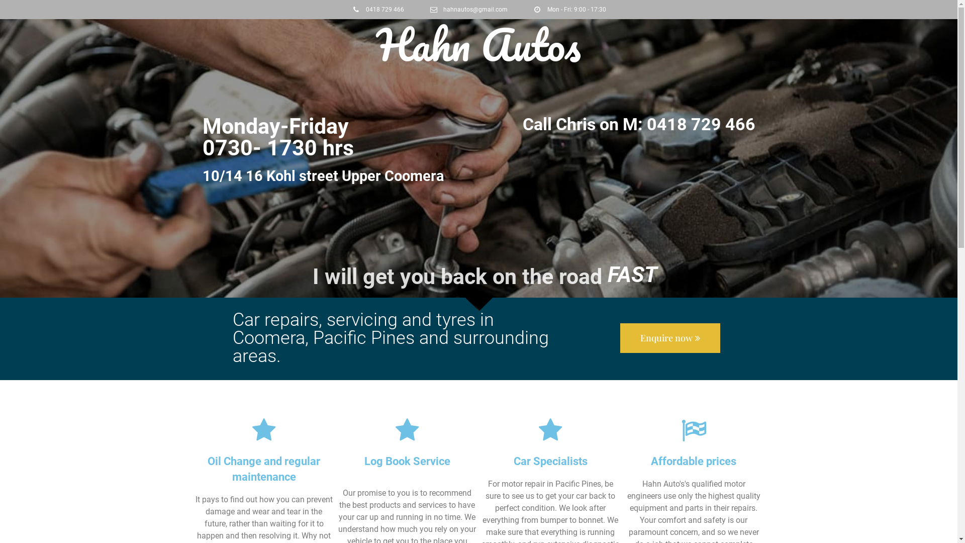 The width and height of the screenshot is (965, 543). I want to click on '0418 729 466', so click(377, 10).